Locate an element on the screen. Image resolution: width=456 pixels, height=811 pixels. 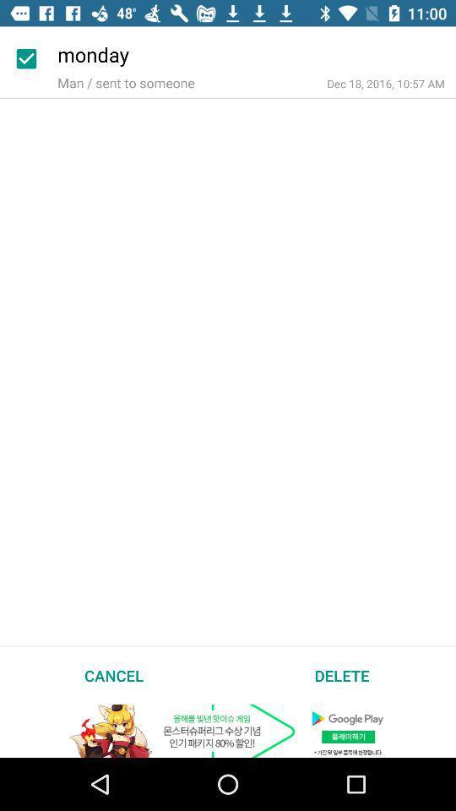
item below monday item is located at coordinates (386, 84).